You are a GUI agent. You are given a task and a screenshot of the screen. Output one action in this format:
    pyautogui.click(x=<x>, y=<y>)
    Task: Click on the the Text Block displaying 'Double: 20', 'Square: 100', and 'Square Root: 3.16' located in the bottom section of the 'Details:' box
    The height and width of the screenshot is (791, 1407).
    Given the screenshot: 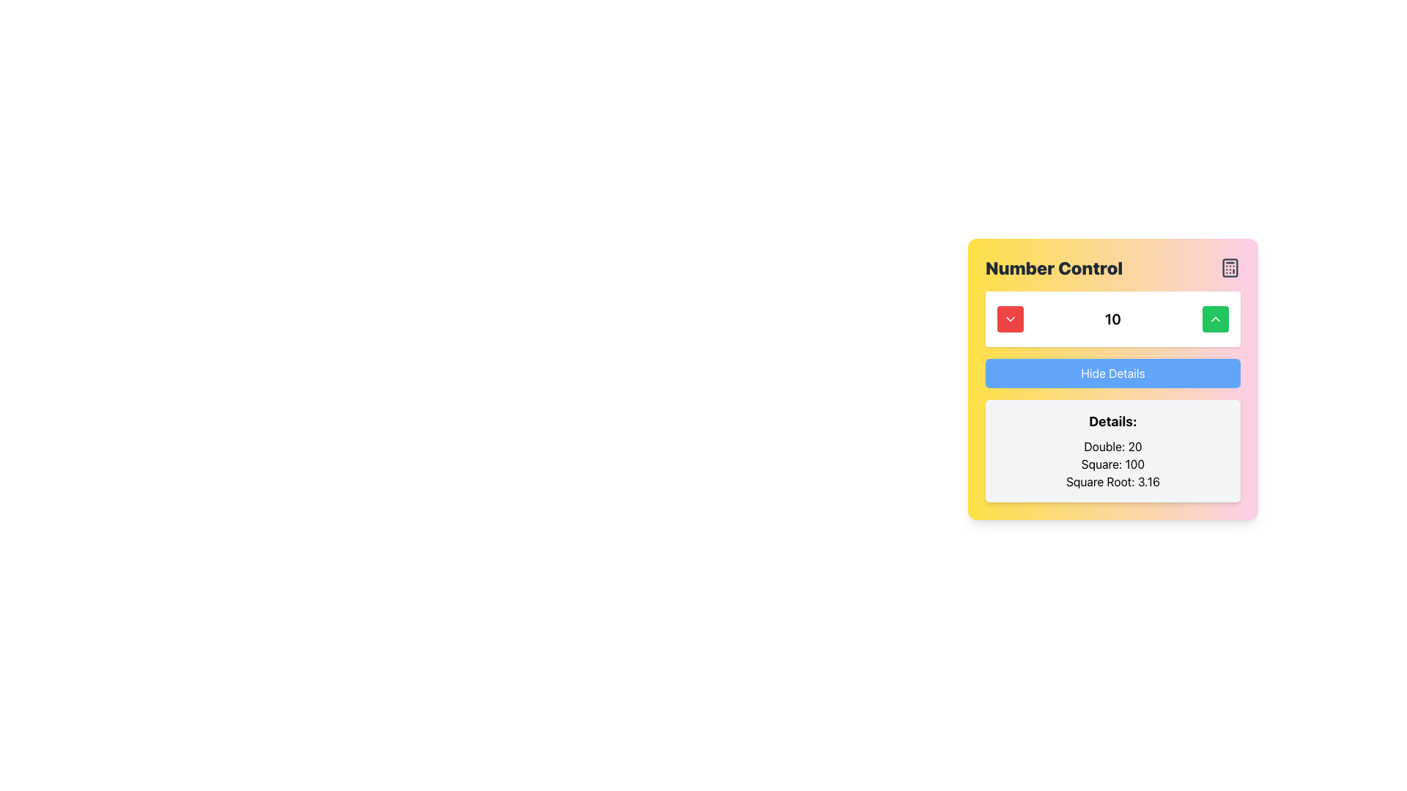 What is the action you would take?
    pyautogui.click(x=1112, y=464)
    